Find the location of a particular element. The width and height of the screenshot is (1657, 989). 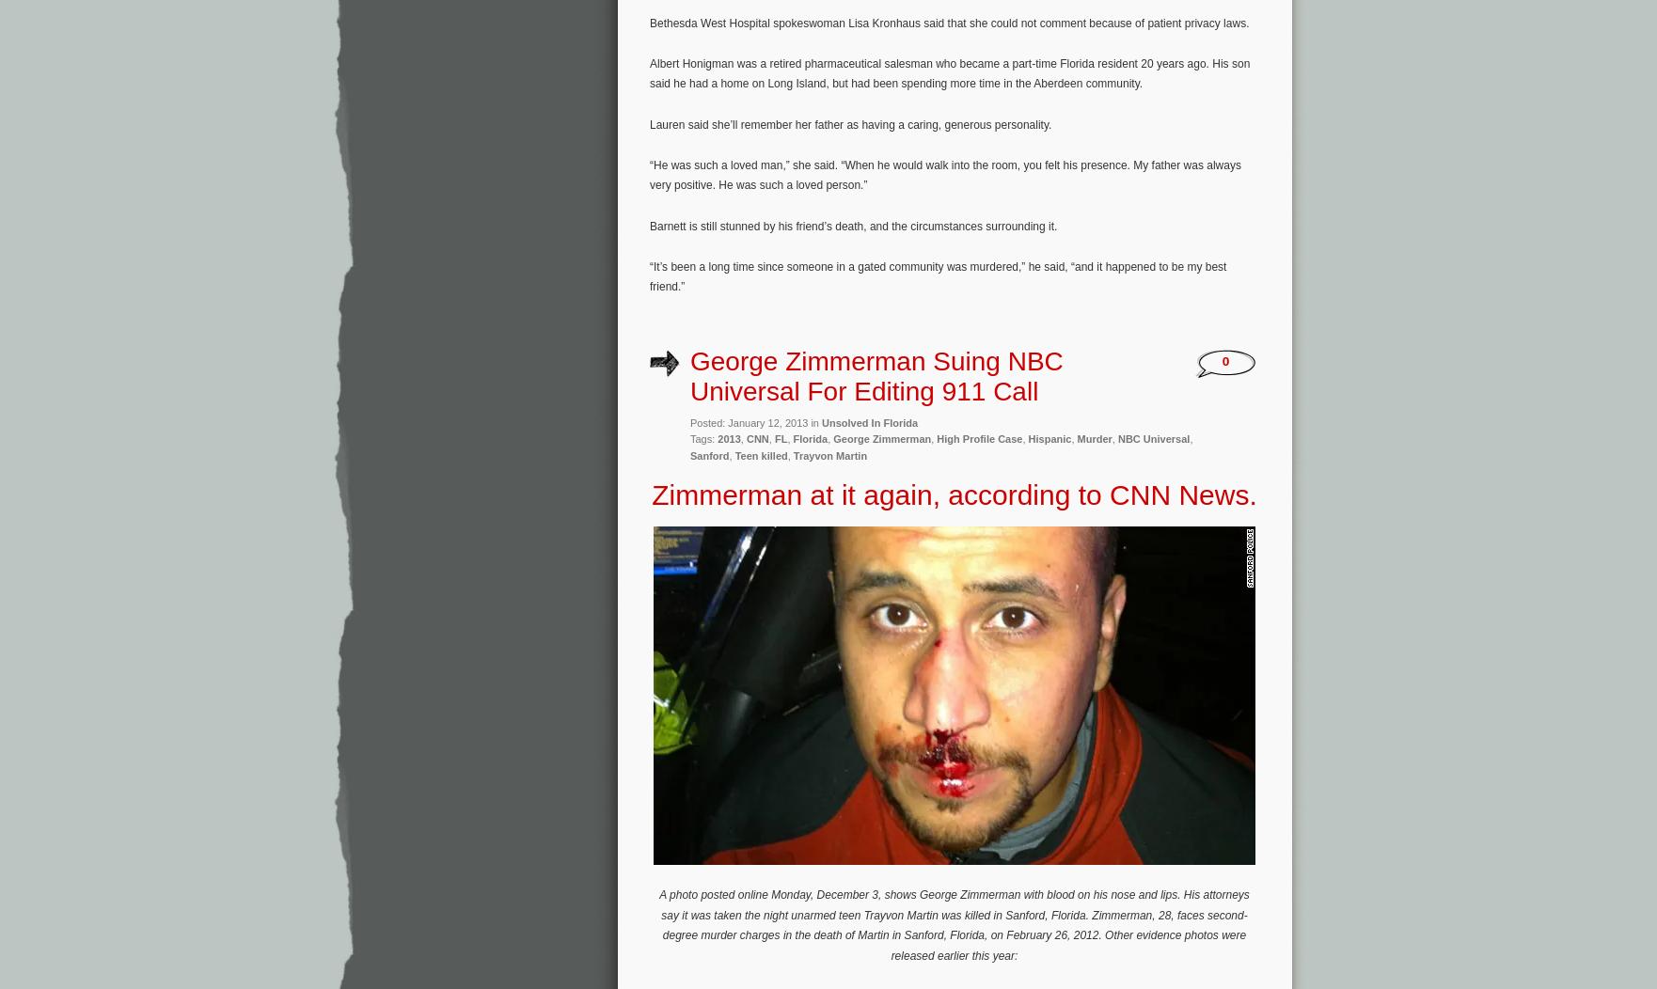

'Barnett is still stunned by his friend’s death, and the circumstances surrounding it.' is located at coordinates (649, 224).